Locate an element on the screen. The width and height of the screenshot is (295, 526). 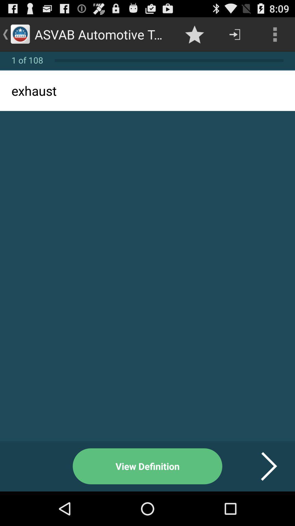
the button at the bottom is located at coordinates (147, 466).